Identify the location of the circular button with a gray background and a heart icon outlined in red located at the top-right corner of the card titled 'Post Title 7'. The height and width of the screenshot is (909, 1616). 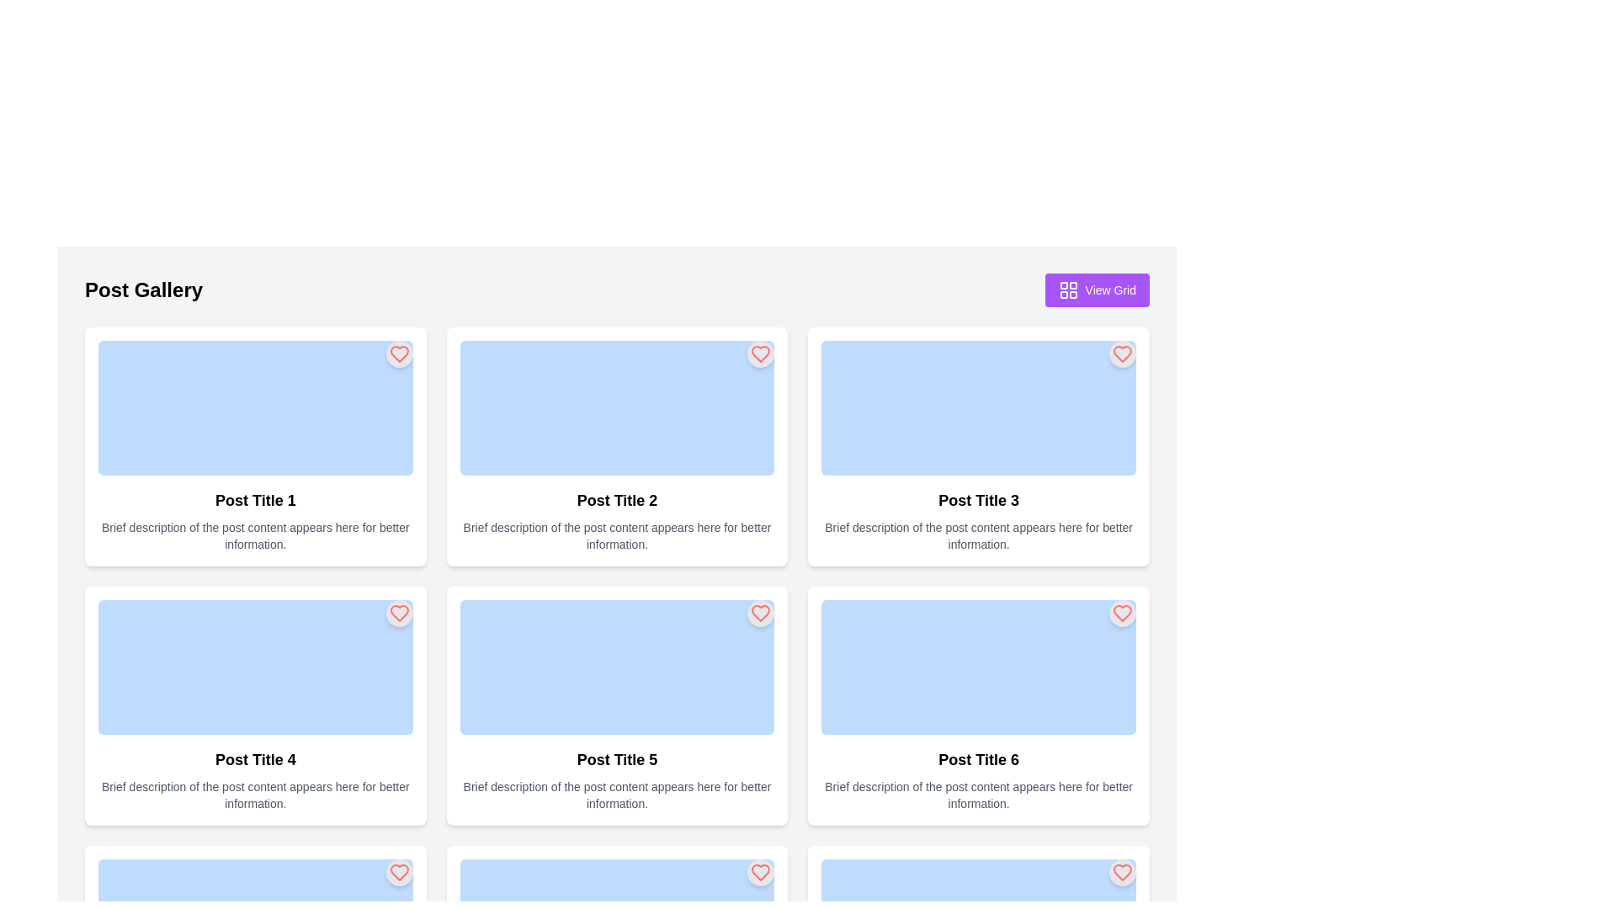
(398, 872).